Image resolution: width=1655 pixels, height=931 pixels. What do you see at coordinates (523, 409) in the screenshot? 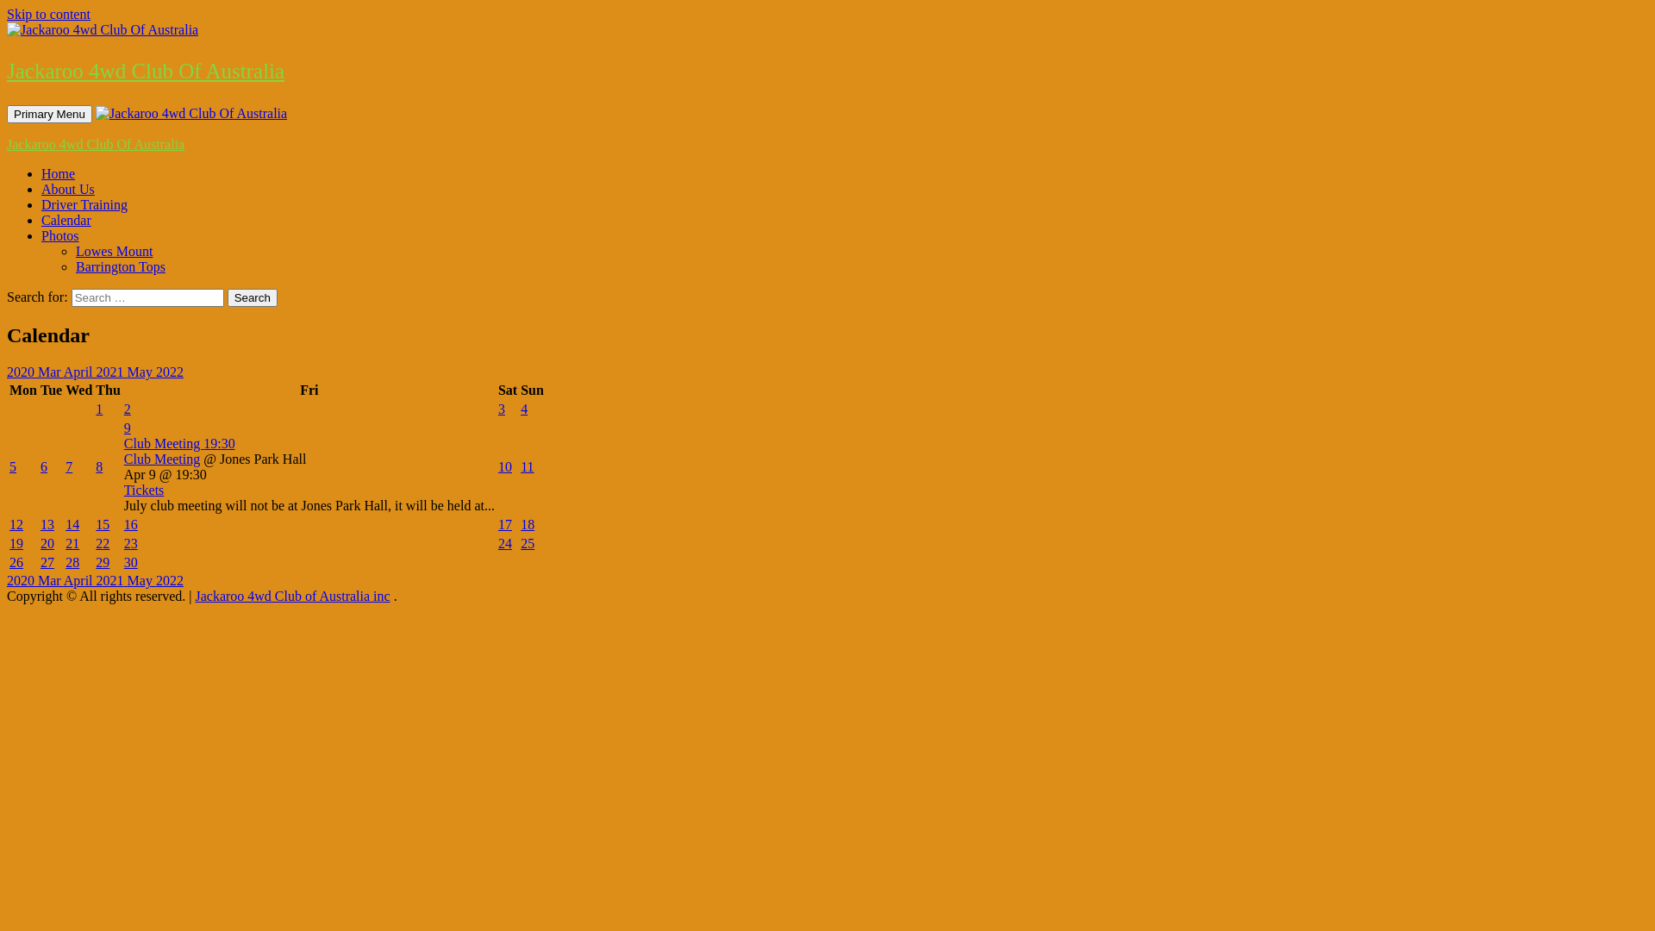
I see `'4'` at bounding box center [523, 409].